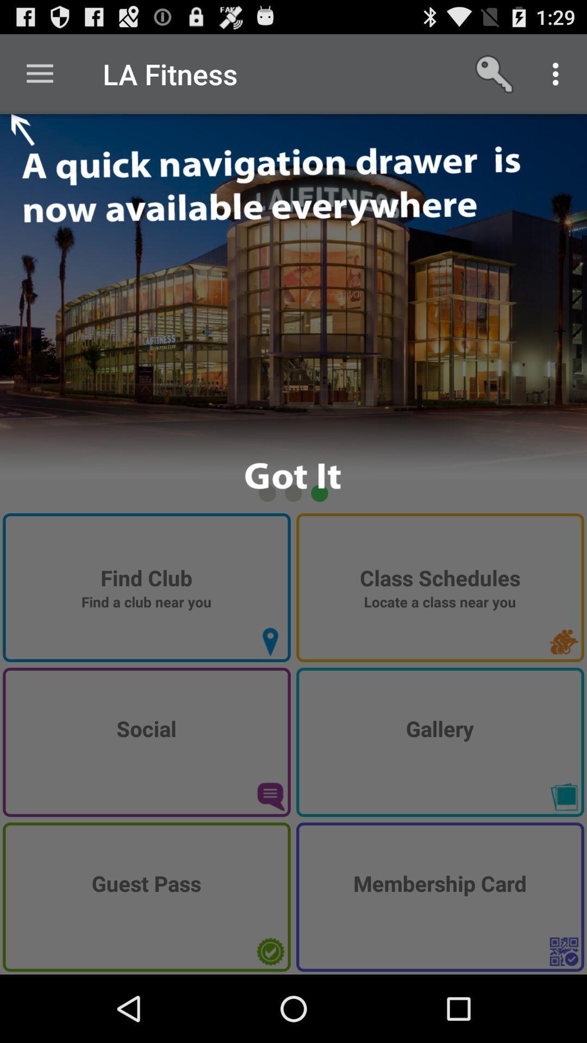 This screenshot has height=1043, width=587. I want to click on the icon next to the la fitness item, so click(39, 73).